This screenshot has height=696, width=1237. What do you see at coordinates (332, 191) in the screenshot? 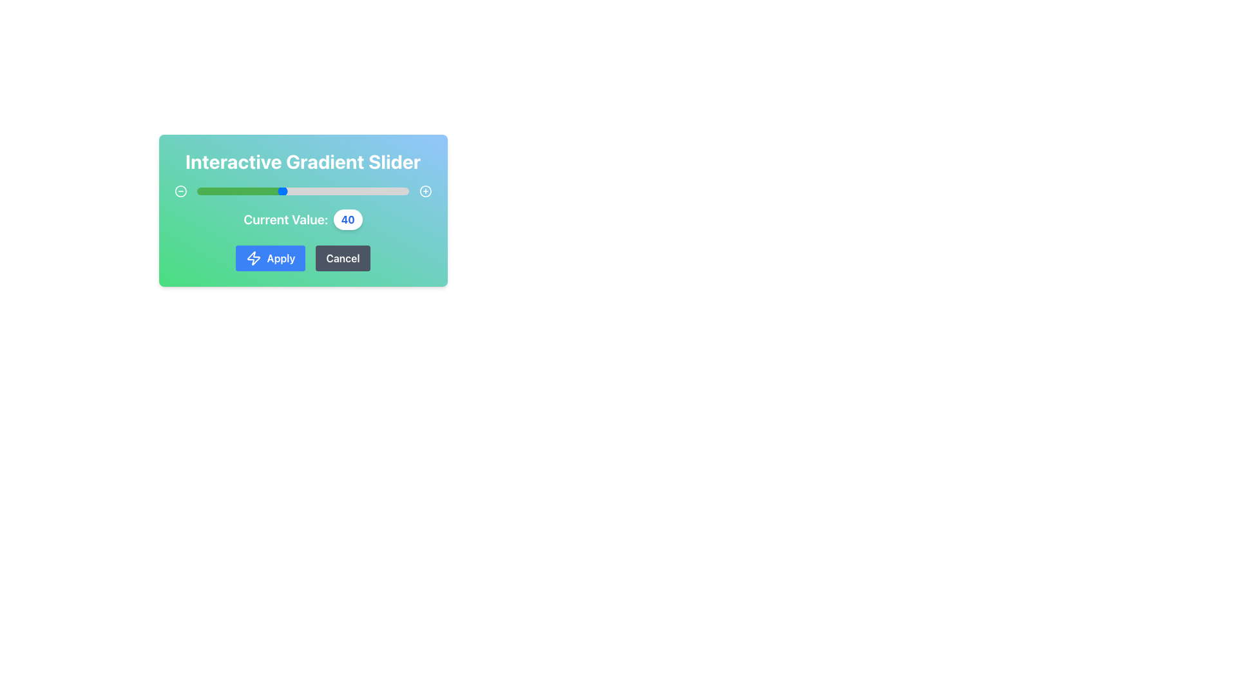
I see `the slider's value` at bounding box center [332, 191].